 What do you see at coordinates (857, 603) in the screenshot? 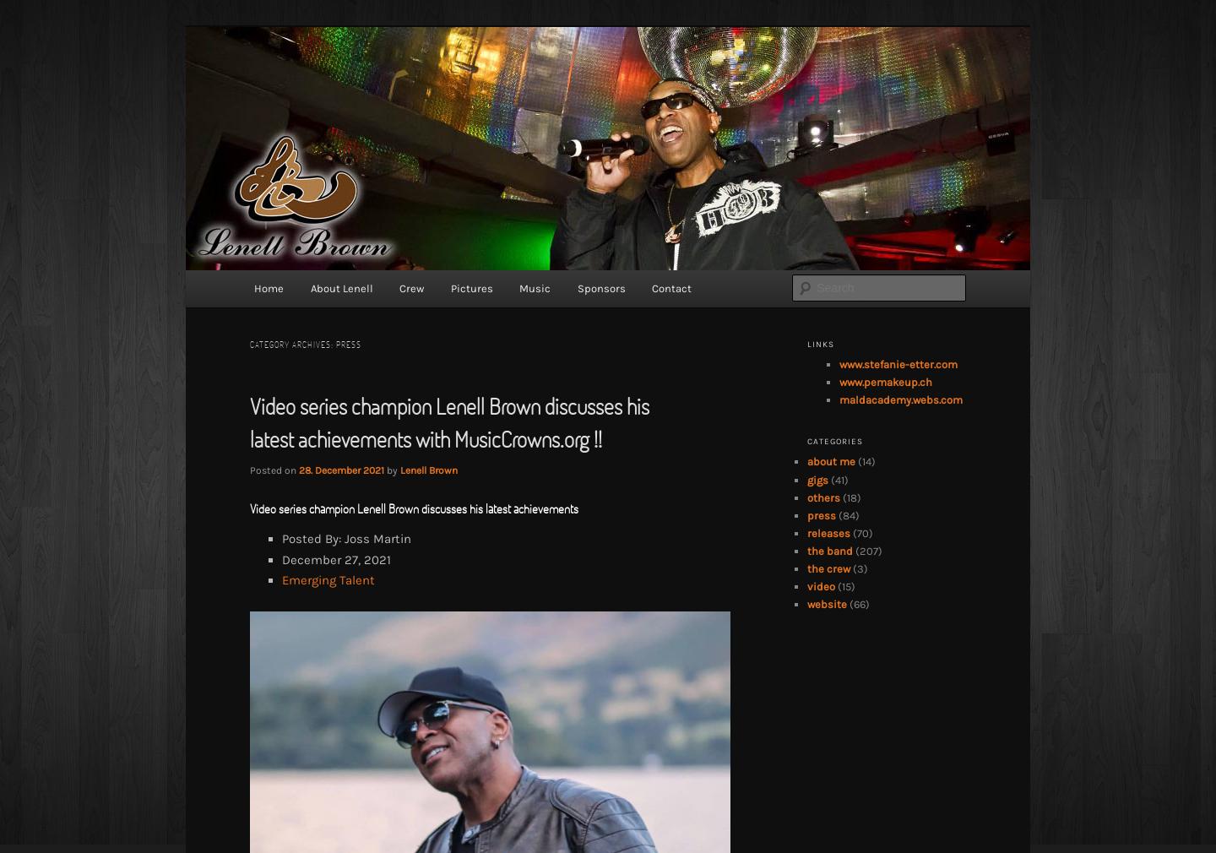
I see `'(66)'` at bounding box center [857, 603].